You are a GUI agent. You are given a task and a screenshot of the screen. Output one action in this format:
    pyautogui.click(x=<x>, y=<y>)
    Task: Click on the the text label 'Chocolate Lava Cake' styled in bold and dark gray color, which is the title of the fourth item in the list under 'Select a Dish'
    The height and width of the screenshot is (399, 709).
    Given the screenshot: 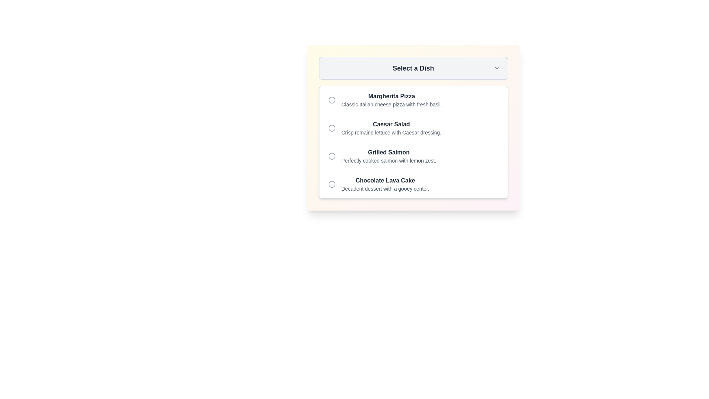 What is the action you would take?
    pyautogui.click(x=385, y=181)
    